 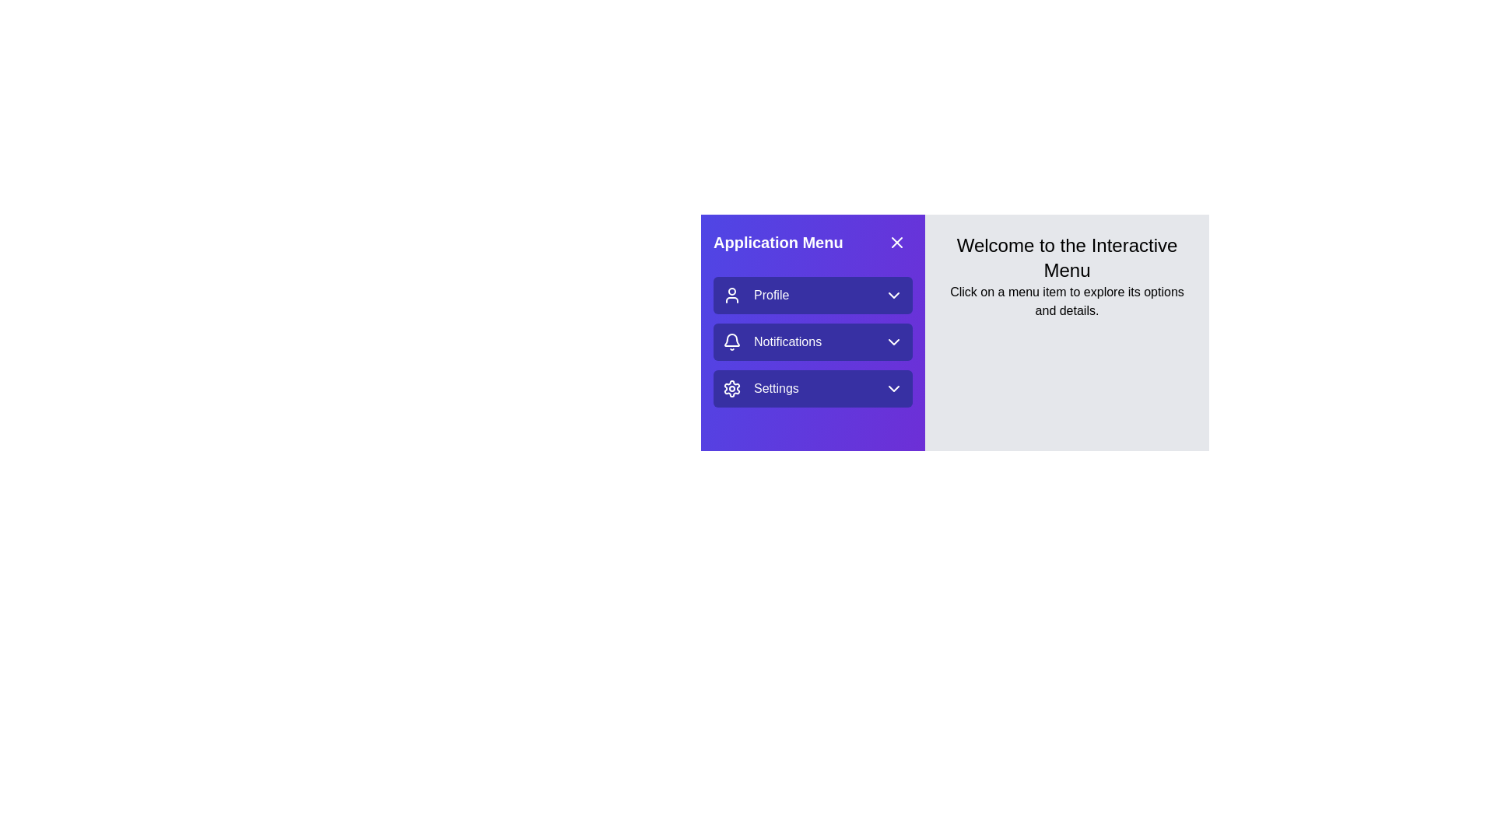 What do you see at coordinates (731, 339) in the screenshot?
I see `the curved part of the bell icon located within the 'Application Menu', which is the second icon next to 'Notifications'` at bounding box center [731, 339].